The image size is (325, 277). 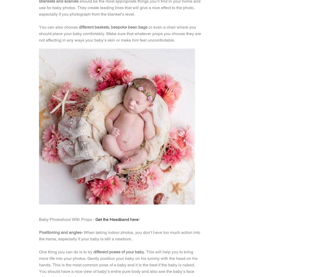 What do you see at coordinates (39, 232) in the screenshot?
I see `'Positioning and angles-'` at bounding box center [39, 232].